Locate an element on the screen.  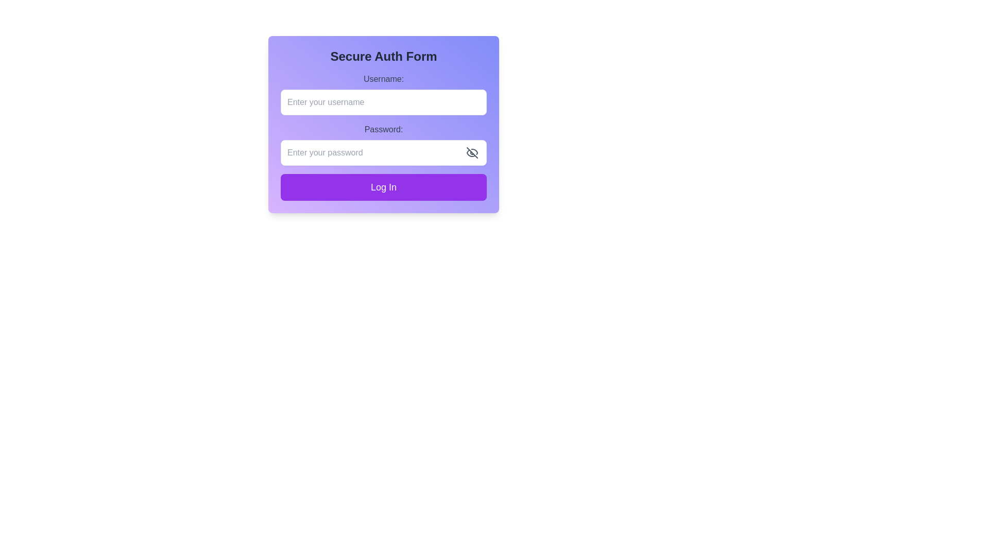
the 'hide' button icon resembling an eye with a line striking through it, located on the right edge of the password input field is located at coordinates (471, 153).